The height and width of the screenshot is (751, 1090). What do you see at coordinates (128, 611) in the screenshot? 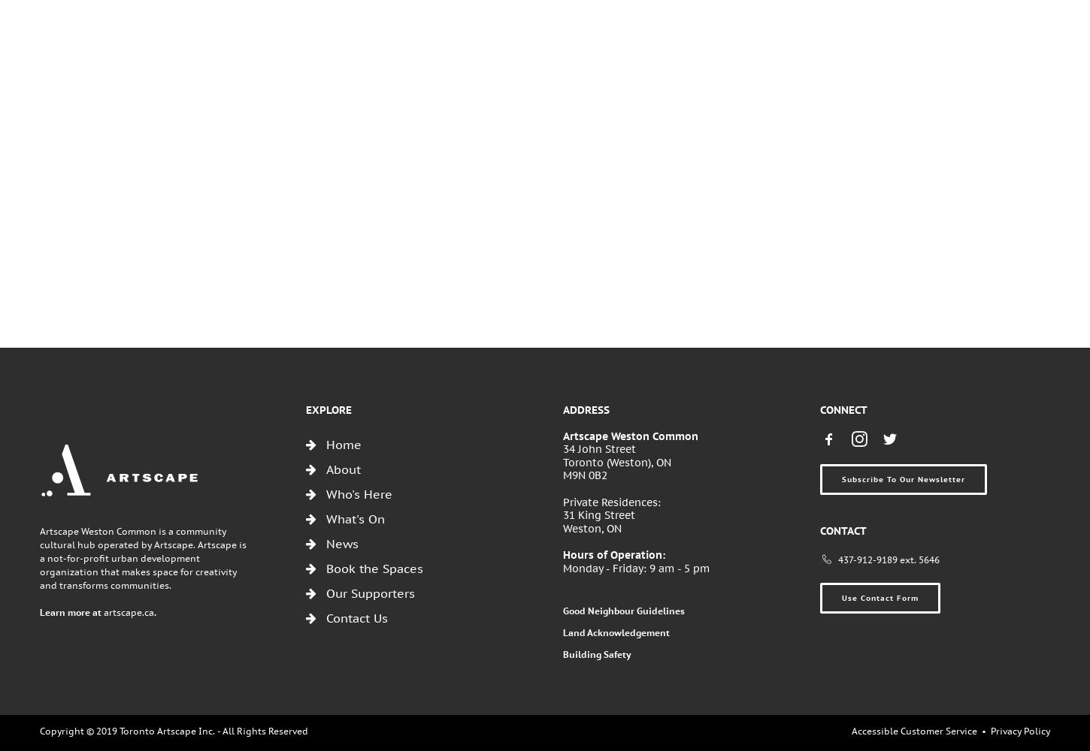
I see `'artscape.ca'` at bounding box center [128, 611].